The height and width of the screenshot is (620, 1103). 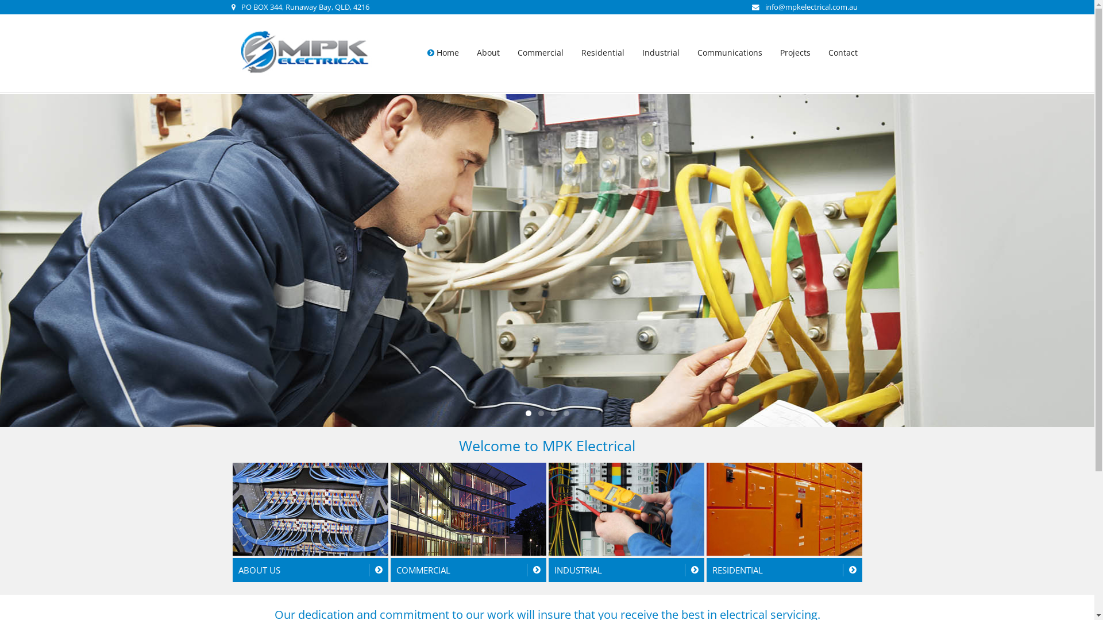 What do you see at coordinates (442, 53) in the screenshot?
I see `'Home'` at bounding box center [442, 53].